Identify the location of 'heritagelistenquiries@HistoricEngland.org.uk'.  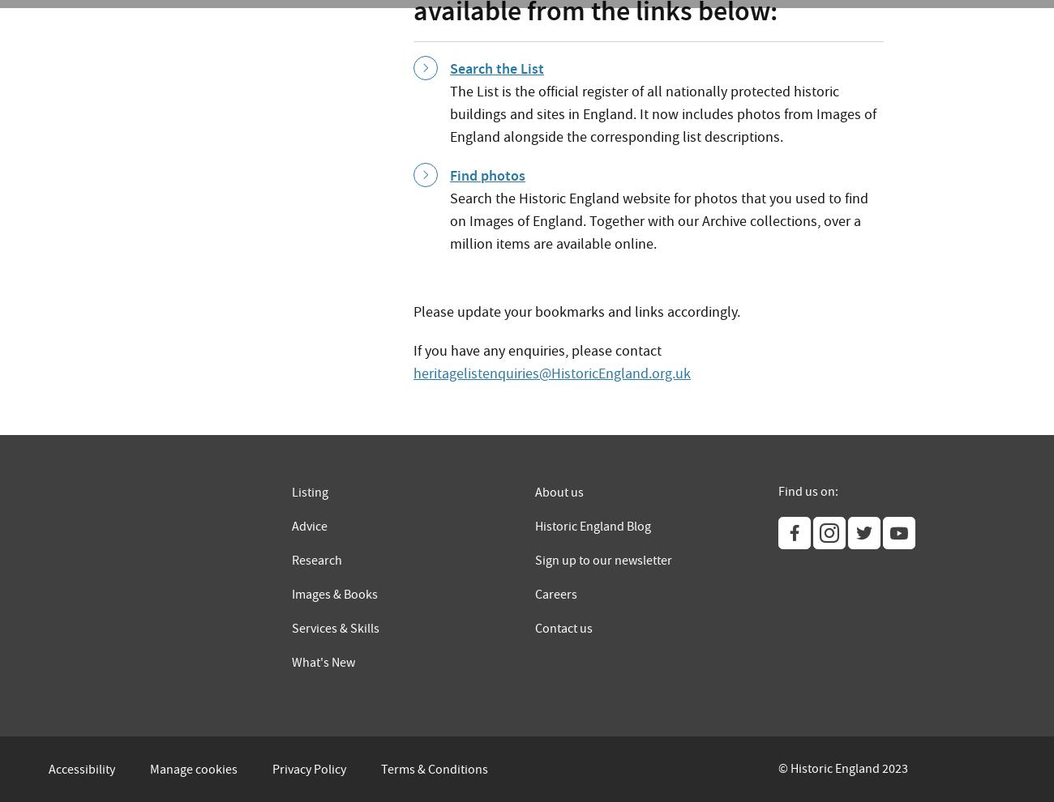
(551, 373).